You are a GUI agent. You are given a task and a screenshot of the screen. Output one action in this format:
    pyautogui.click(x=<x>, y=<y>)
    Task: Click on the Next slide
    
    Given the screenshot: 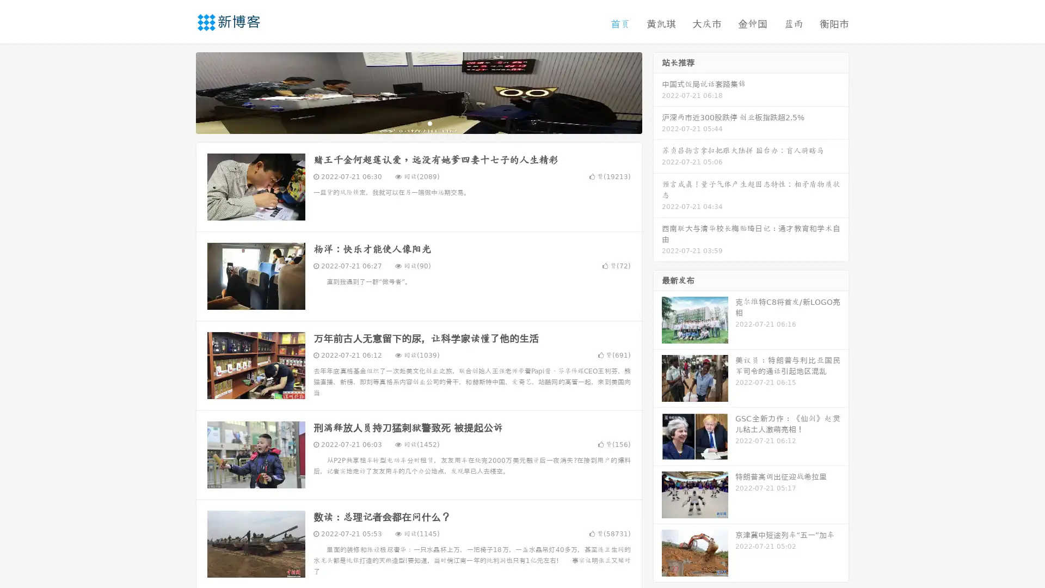 What is the action you would take?
    pyautogui.click(x=657, y=91)
    